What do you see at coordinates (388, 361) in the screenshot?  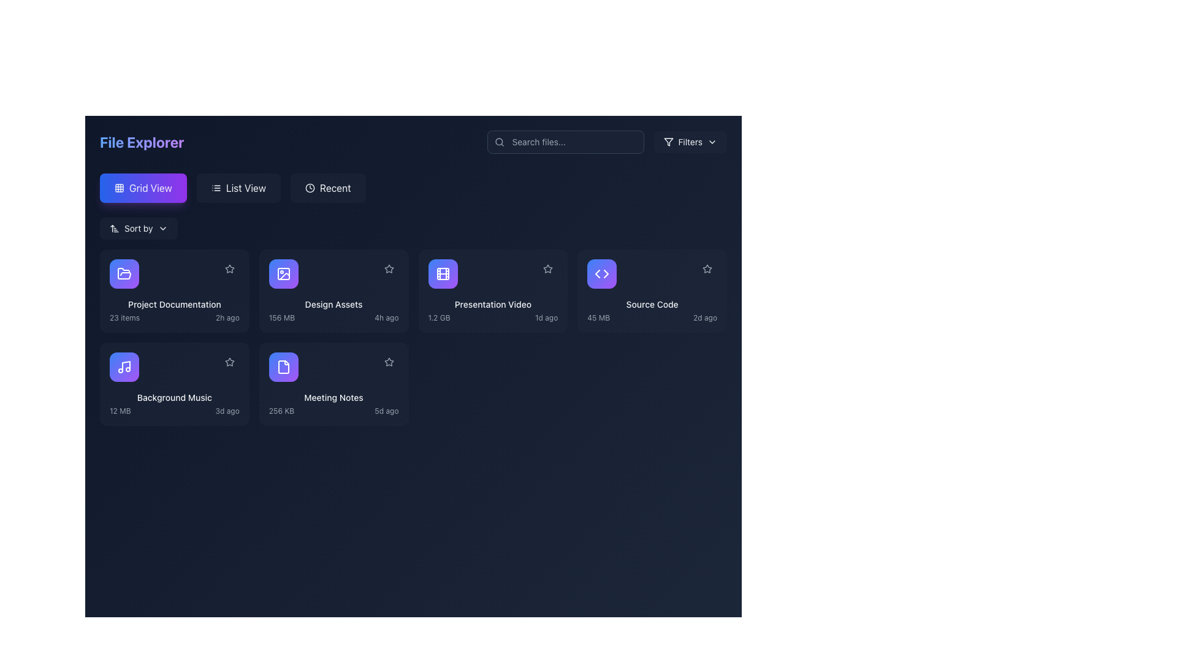 I see `the interactive star icon in the bottom-right corner of the 'Meeting Notes' card` at bounding box center [388, 361].